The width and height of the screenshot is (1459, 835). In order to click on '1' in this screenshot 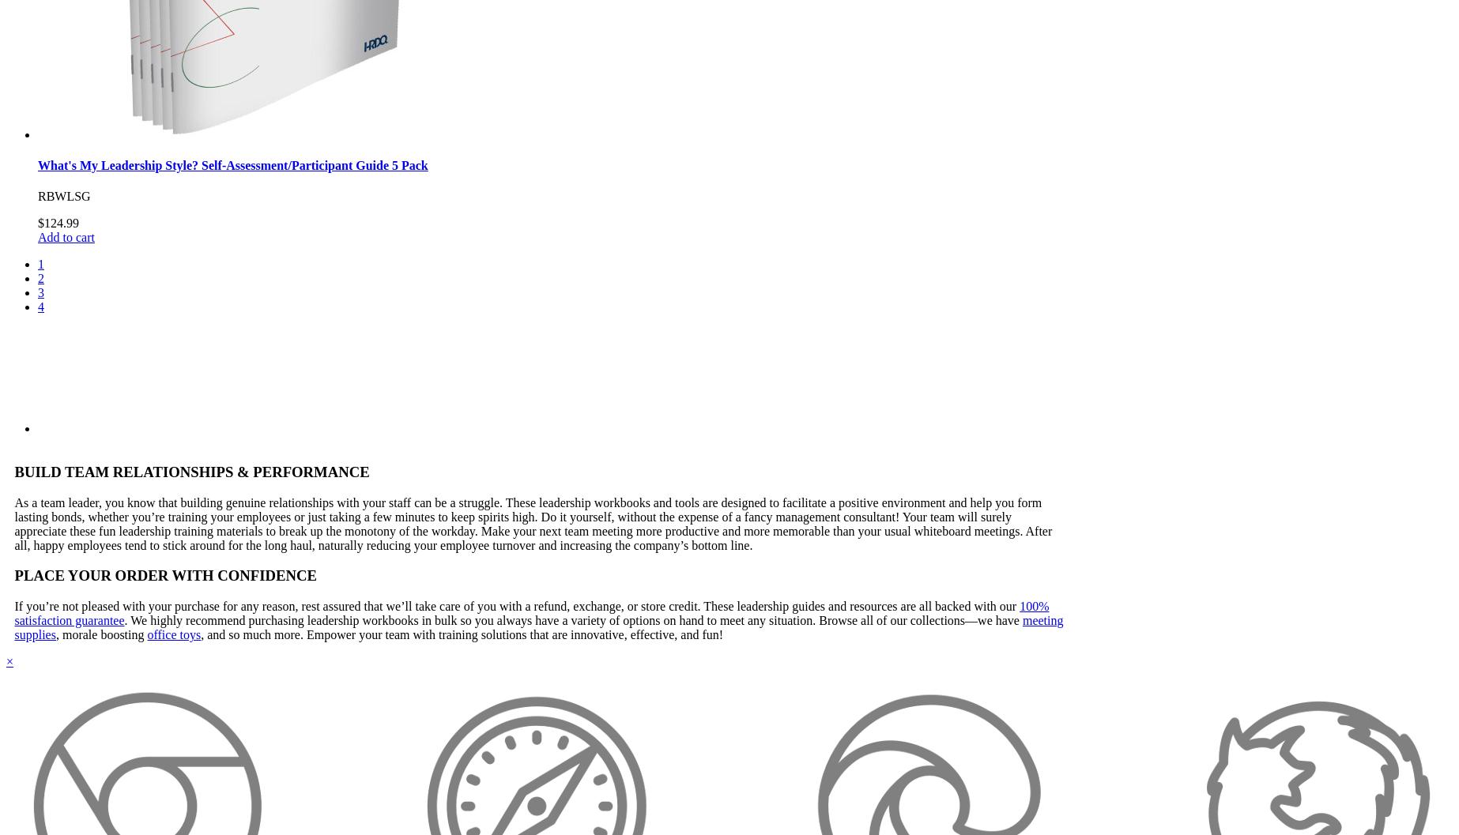, I will do `click(41, 264)`.